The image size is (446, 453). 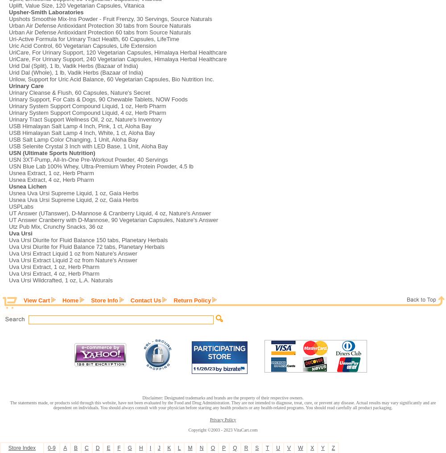 What do you see at coordinates (9, 246) in the screenshot?
I see `'Uva Ursi Diurite for Fluid Balance 72 tabs, Planetary Herbals'` at bounding box center [9, 246].